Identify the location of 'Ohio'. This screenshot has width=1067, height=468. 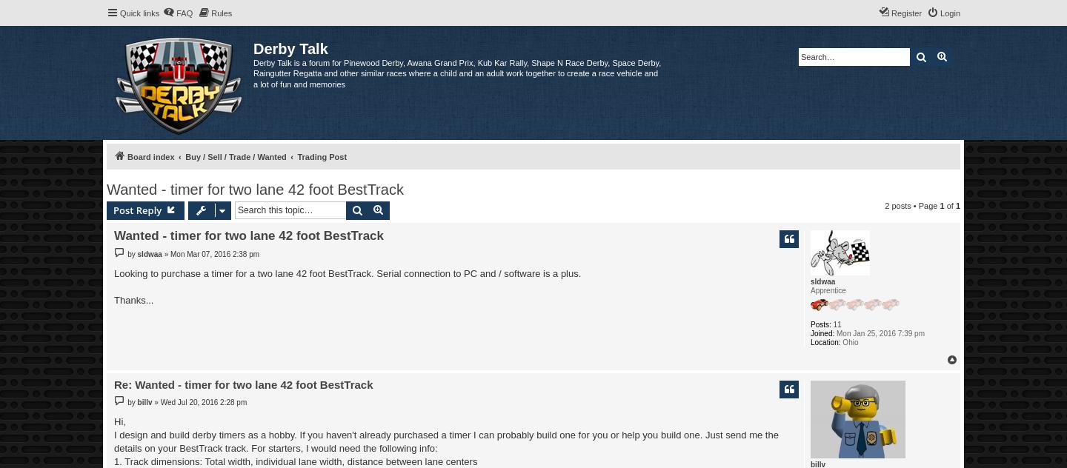
(848, 341).